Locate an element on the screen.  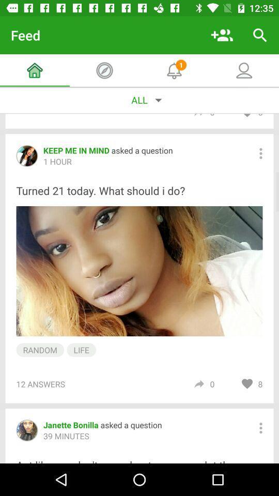
separate menu is located at coordinates (260, 428).